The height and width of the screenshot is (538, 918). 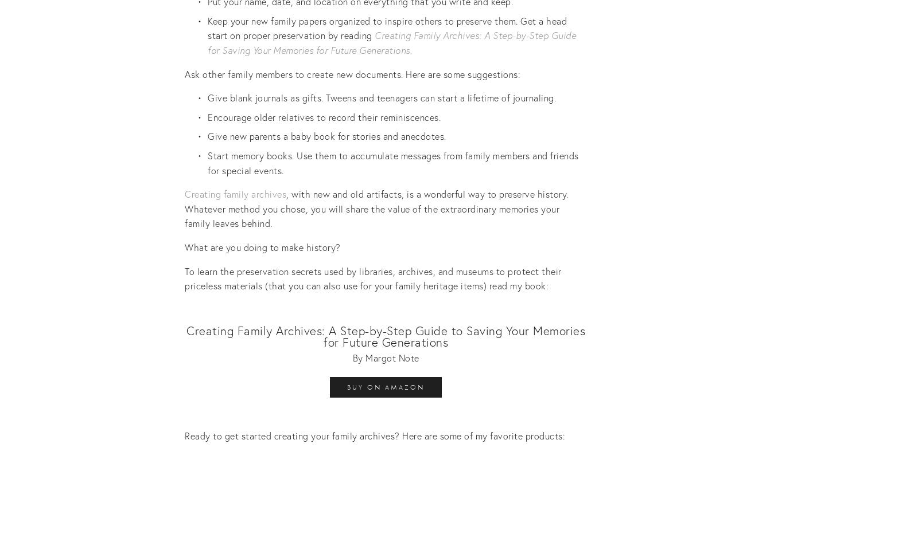 I want to click on 'Ready to get started creating your family archives? Here are some of my favorite products:', so click(x=185, y=434).